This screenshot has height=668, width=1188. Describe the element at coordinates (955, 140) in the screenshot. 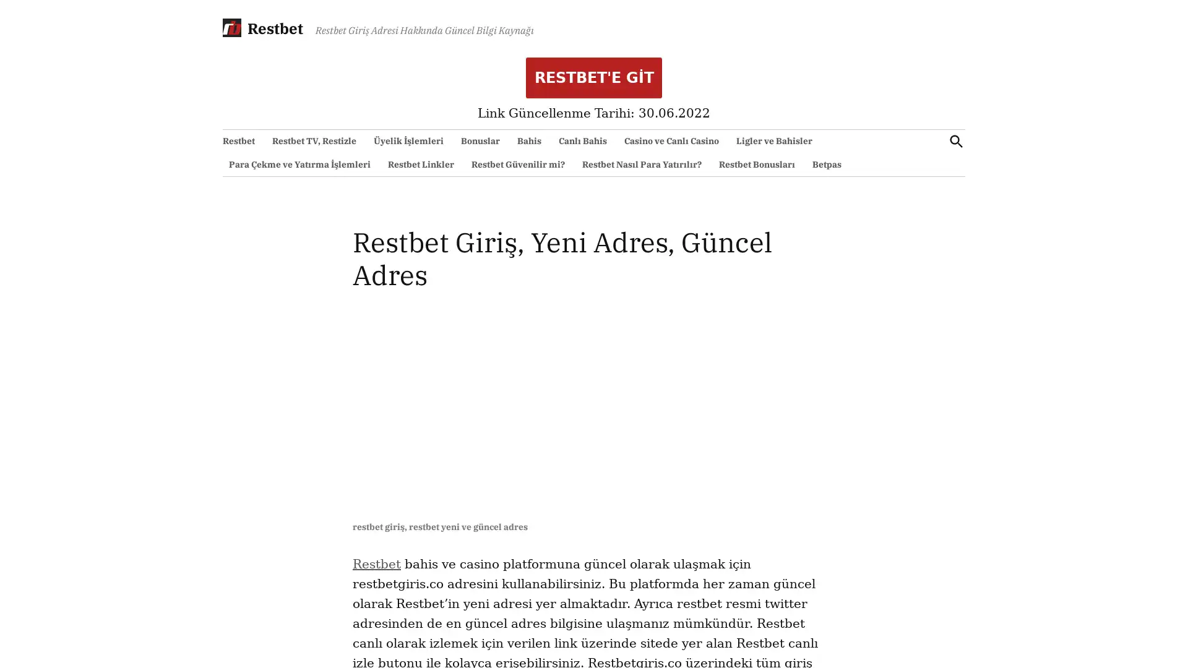

I see `Open Search` at that location.